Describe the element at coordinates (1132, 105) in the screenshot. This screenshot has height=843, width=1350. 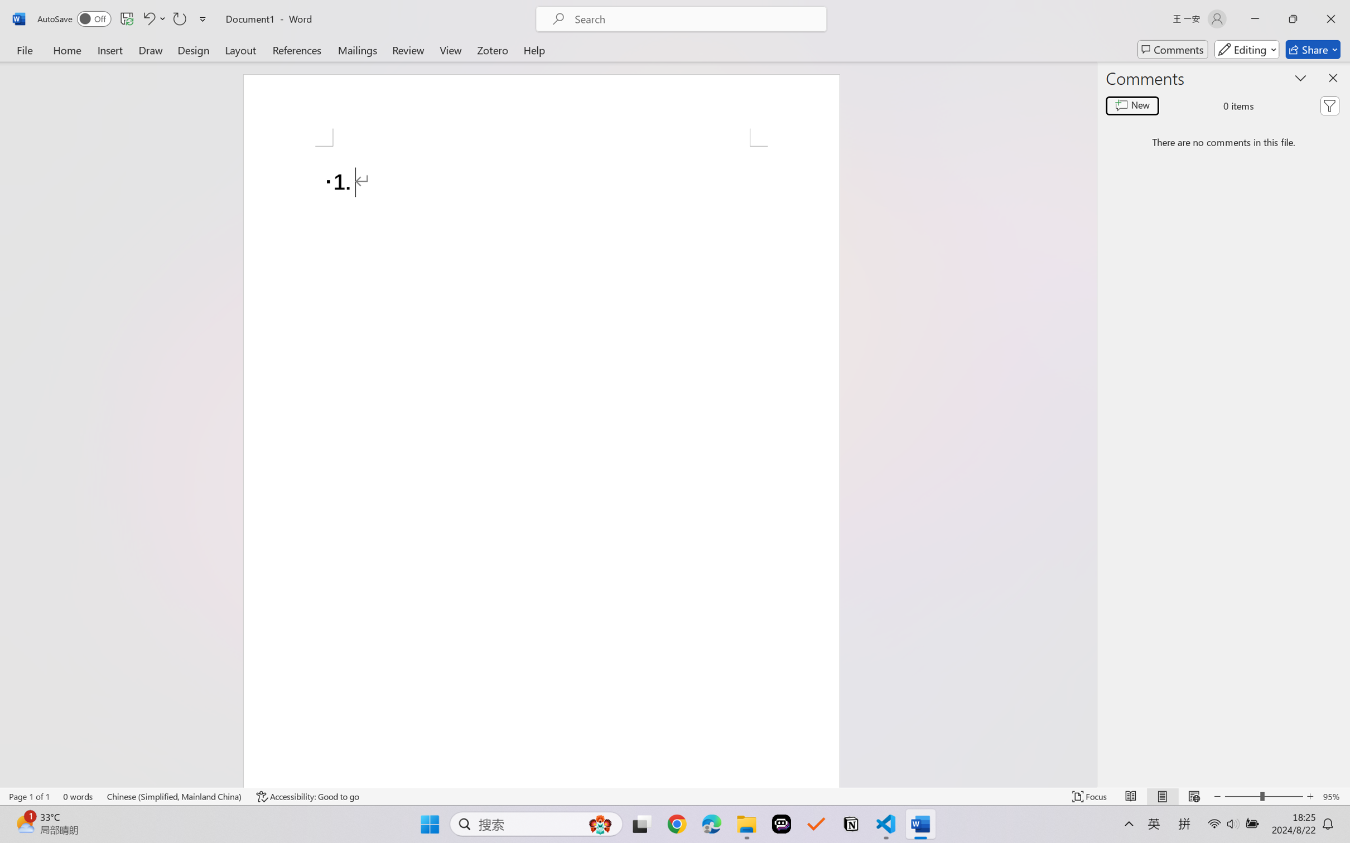
I see `'New comment'` at that location.